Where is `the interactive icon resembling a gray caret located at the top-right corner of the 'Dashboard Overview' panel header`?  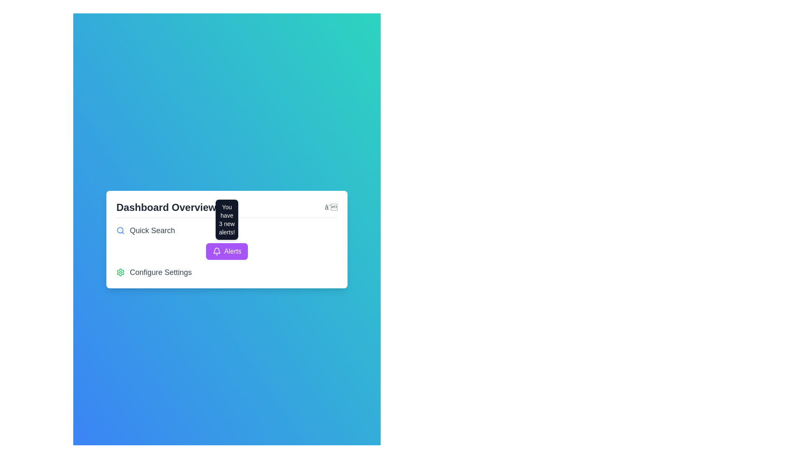 the interactive icon resembling a gray caret located at the top-right corner of the 'Dashboard Overview' panel header is located at coordinates (330, 207).